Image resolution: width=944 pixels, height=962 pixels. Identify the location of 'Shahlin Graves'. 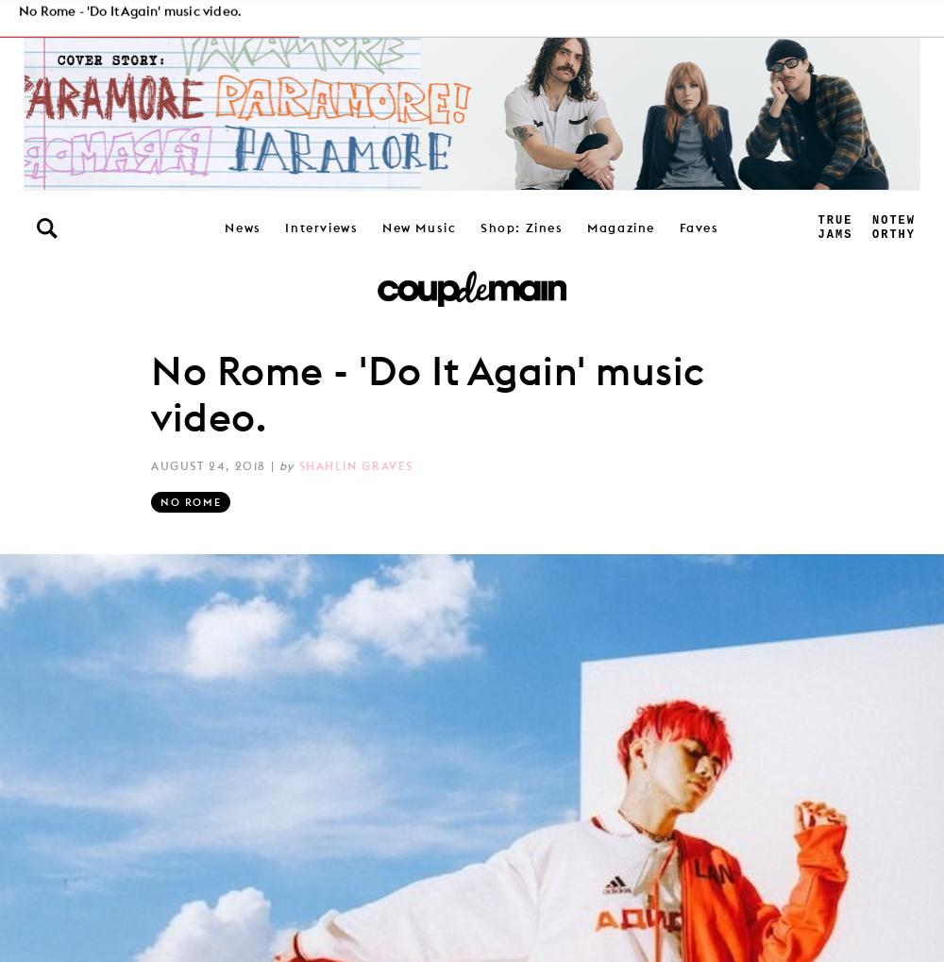
(356, 464).